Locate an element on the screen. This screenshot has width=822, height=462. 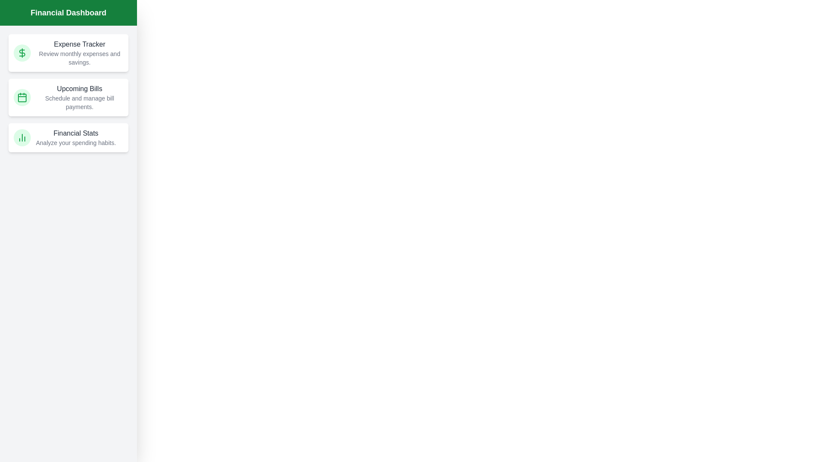
the icon next to the Upcoming Bills item is located at coordinates (22, 97).